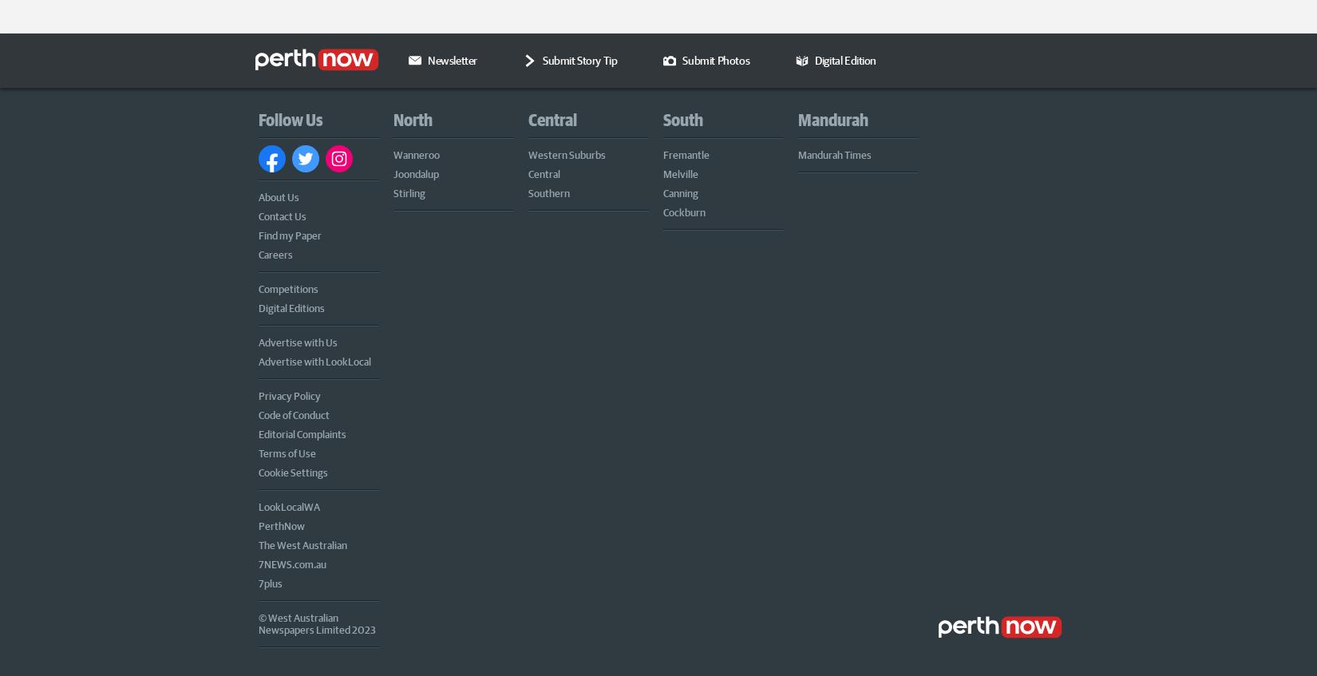 The width and height of the screenshot is (1317, 676). What do you see at coordinates (294, 412) in the screenshot?
I see `'Code of Conduct'` at bounding box center [294, 412].